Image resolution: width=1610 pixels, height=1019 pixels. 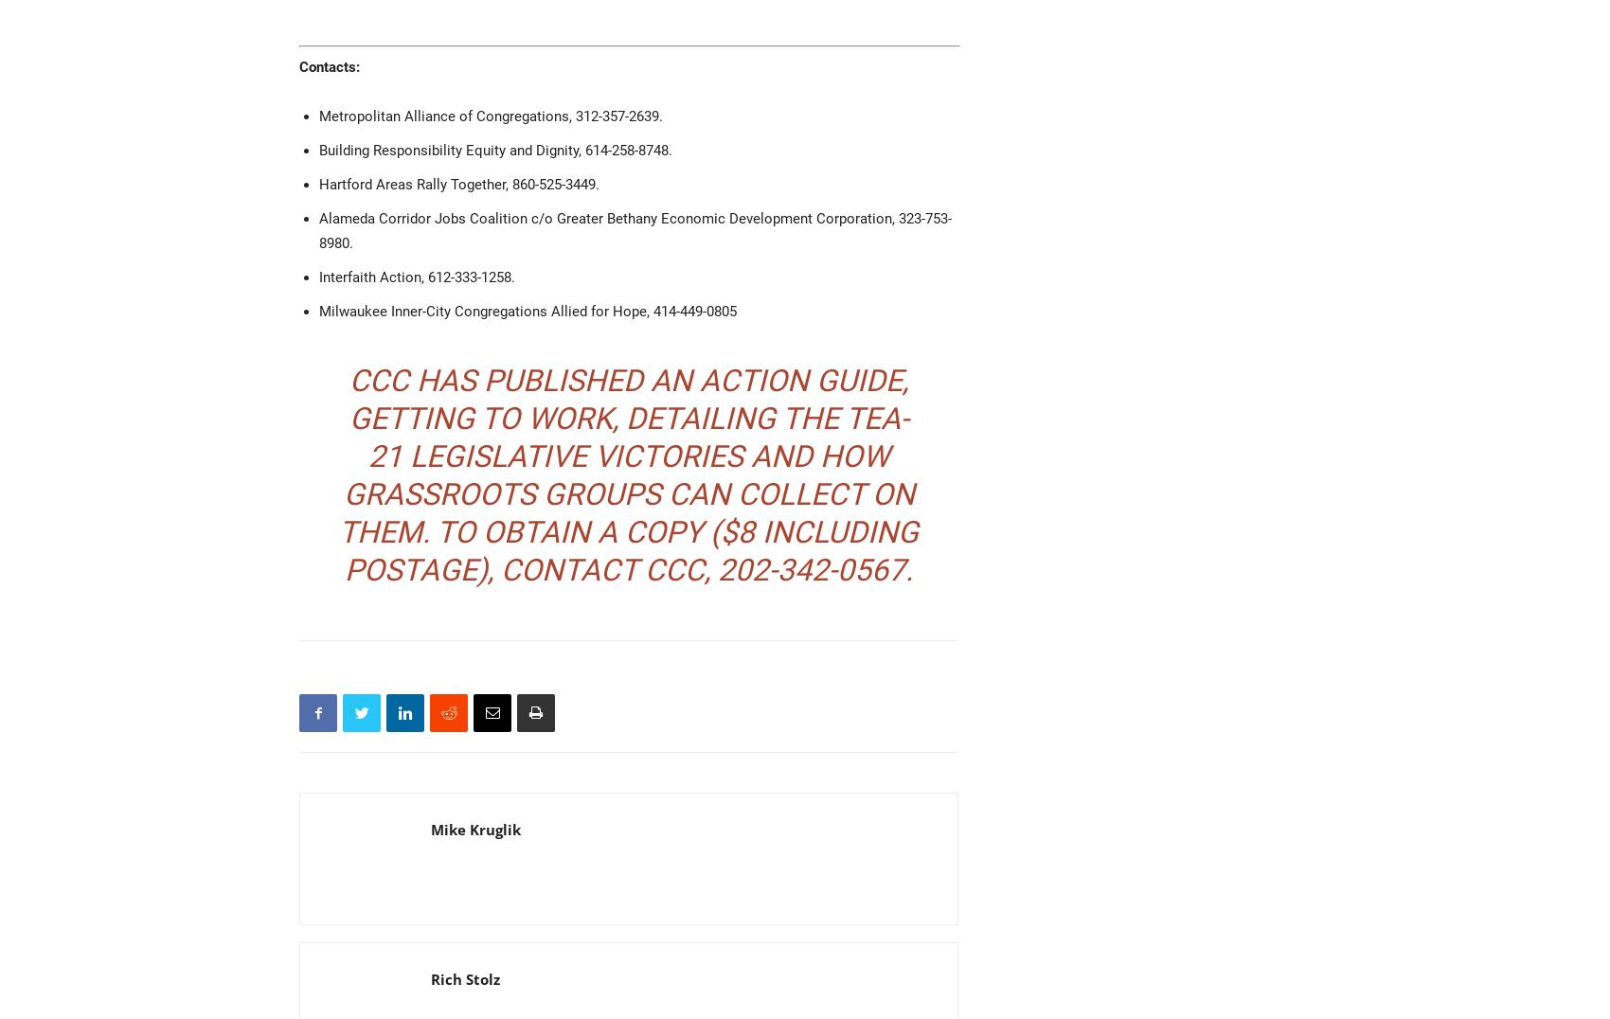 I want to click on 'CCC has published an action guide,', so click(x=629, y=379).